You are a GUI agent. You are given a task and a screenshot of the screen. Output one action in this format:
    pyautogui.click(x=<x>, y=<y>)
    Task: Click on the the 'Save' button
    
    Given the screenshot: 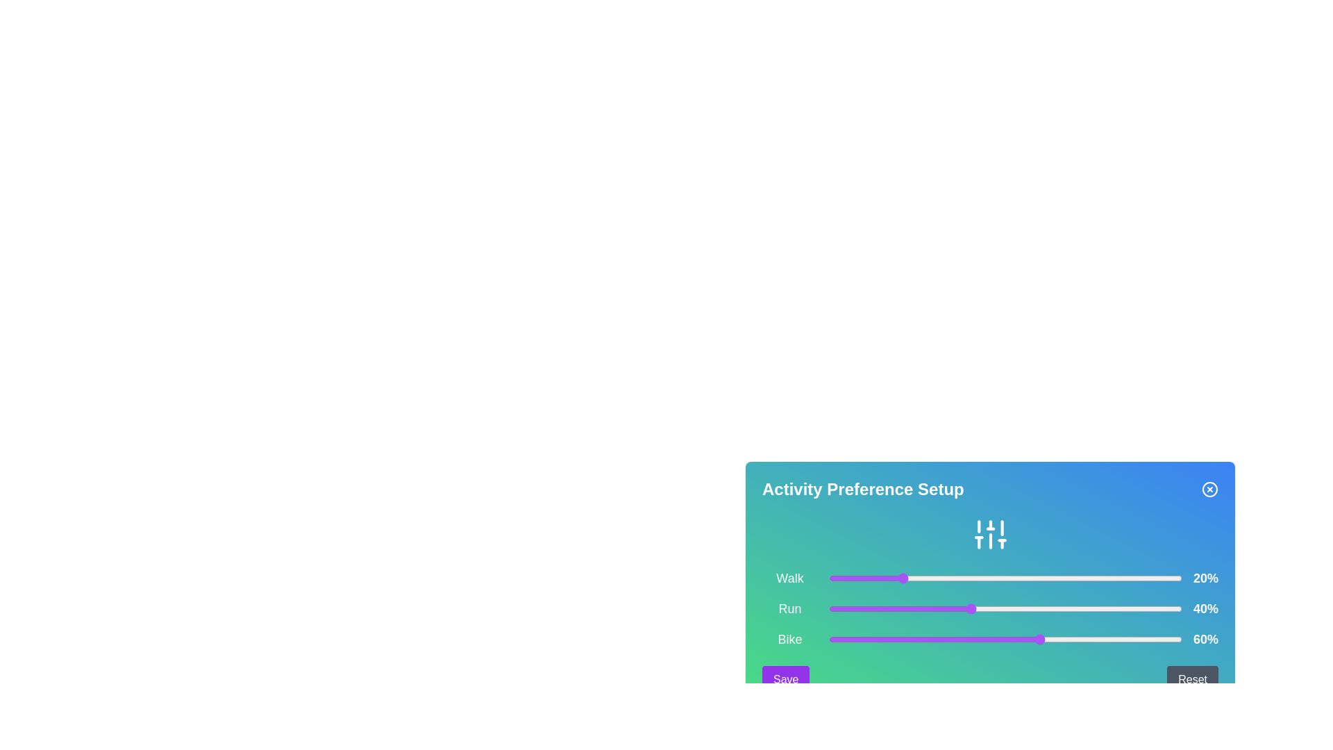 What is the action you would take?
    pyautogui.click(x=786, y=679)
    